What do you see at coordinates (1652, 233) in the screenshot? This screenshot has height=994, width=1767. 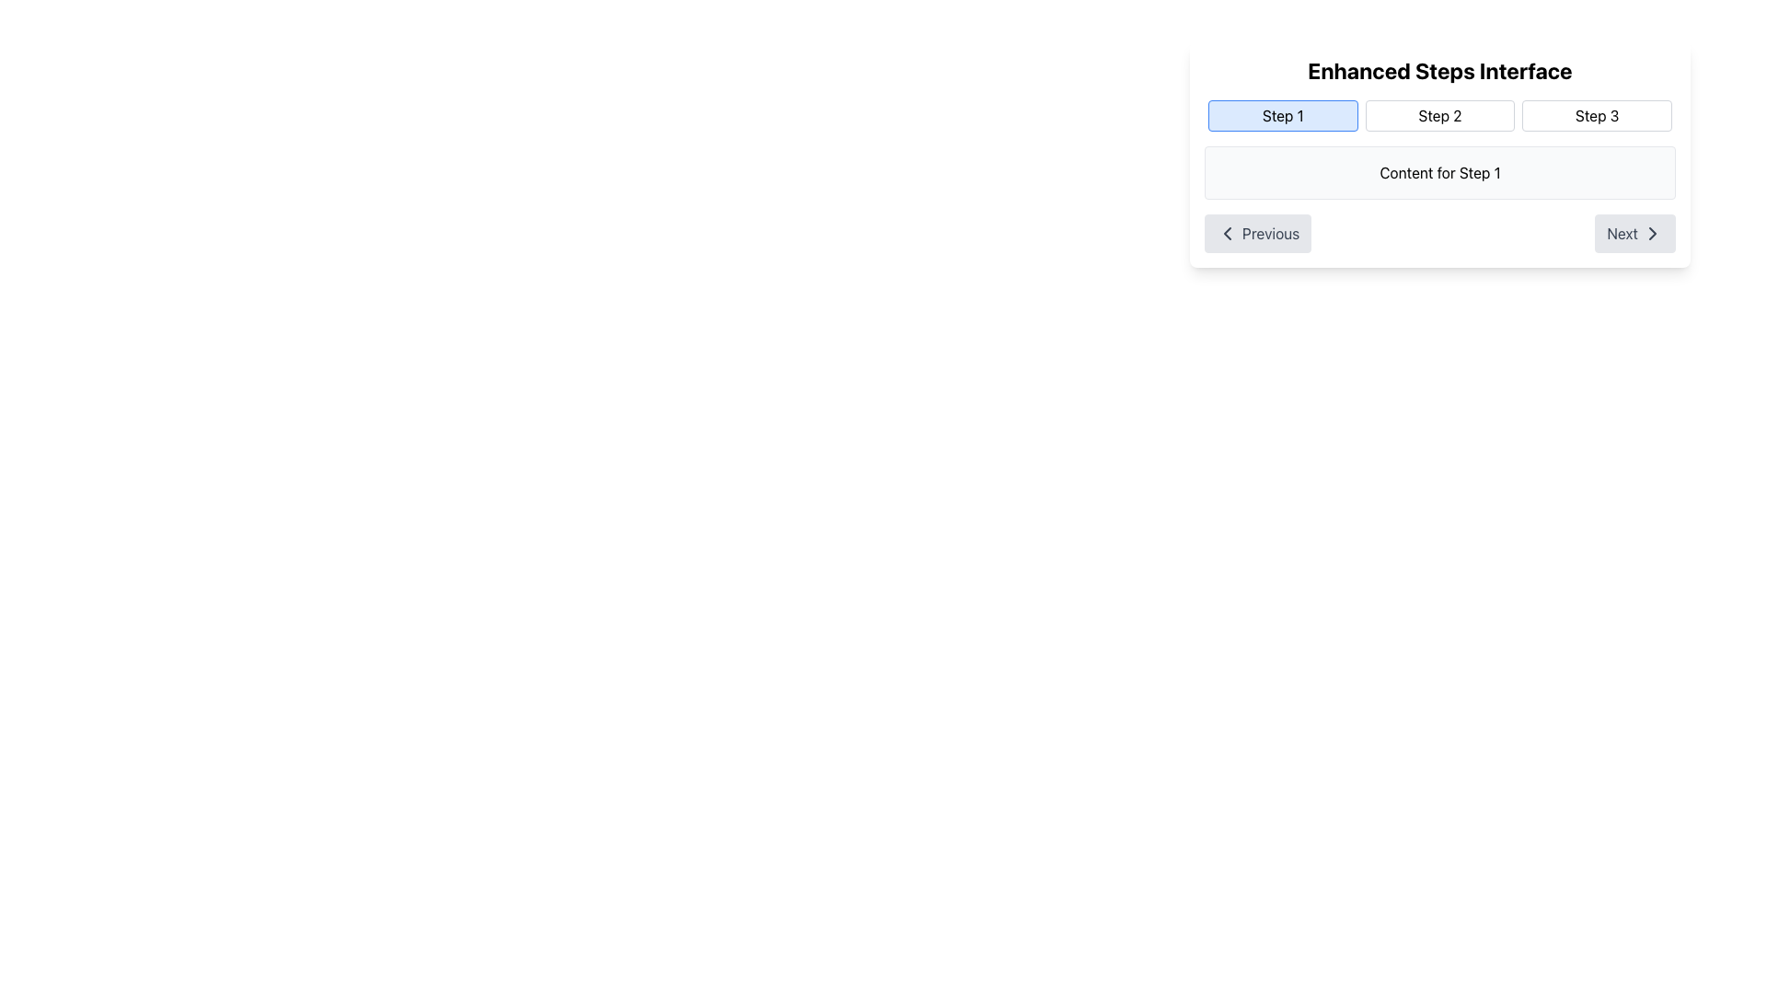 I see `the forward arrow icon located within the 'Next' navigation button, positioned toward the right edge of the button` at bounding box center [1652, 233].